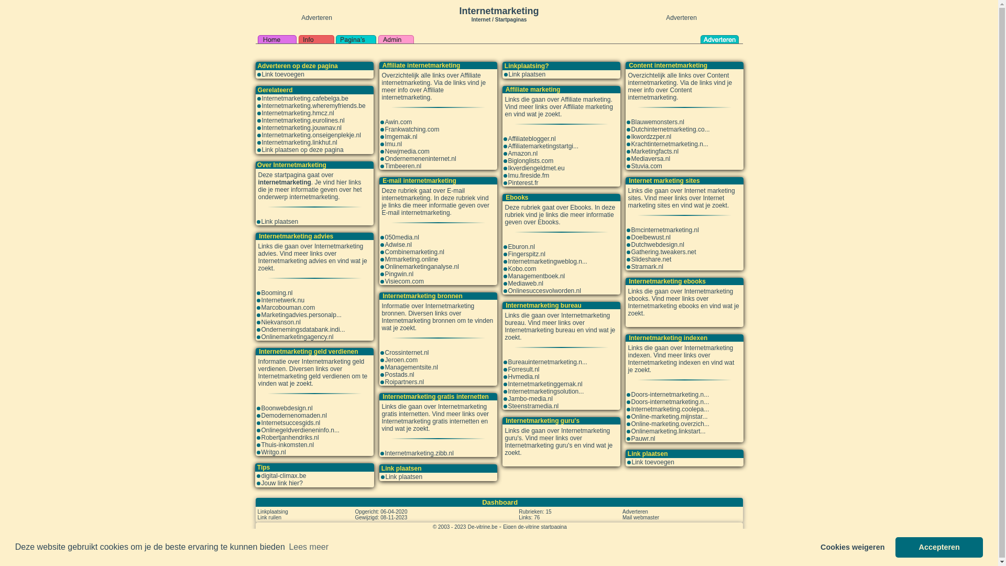 The image size is (1006, 566). What do you see at coordinates (650, 237) in the screenshot?
I see `'Doelbewust.nl'` at bounding box center [650, 237].